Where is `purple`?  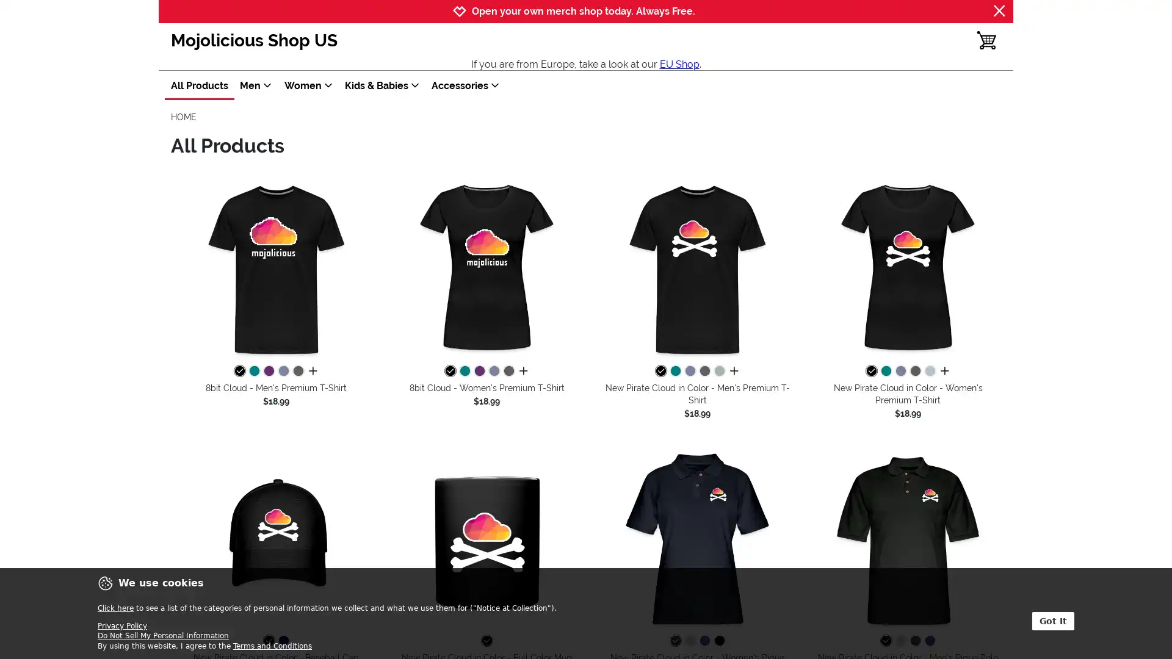
purple is located at coordinates (479, 371).